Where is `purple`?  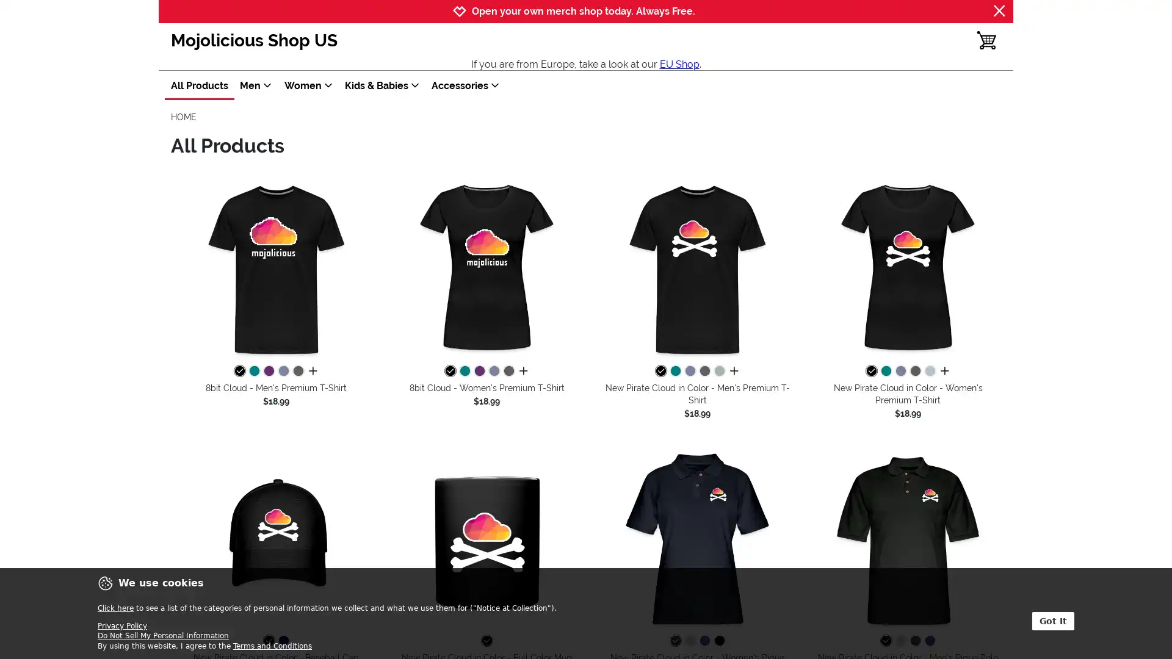
purple is located at coordinates (479, 371).